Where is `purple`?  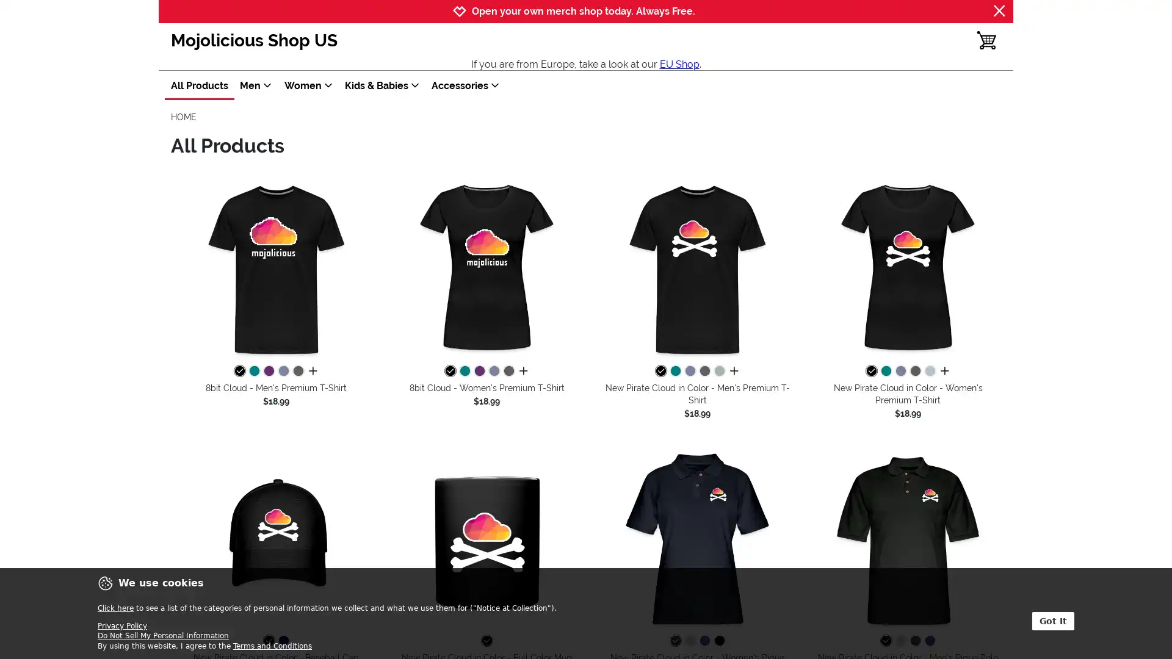
purple is located at coordinates (479, 371).